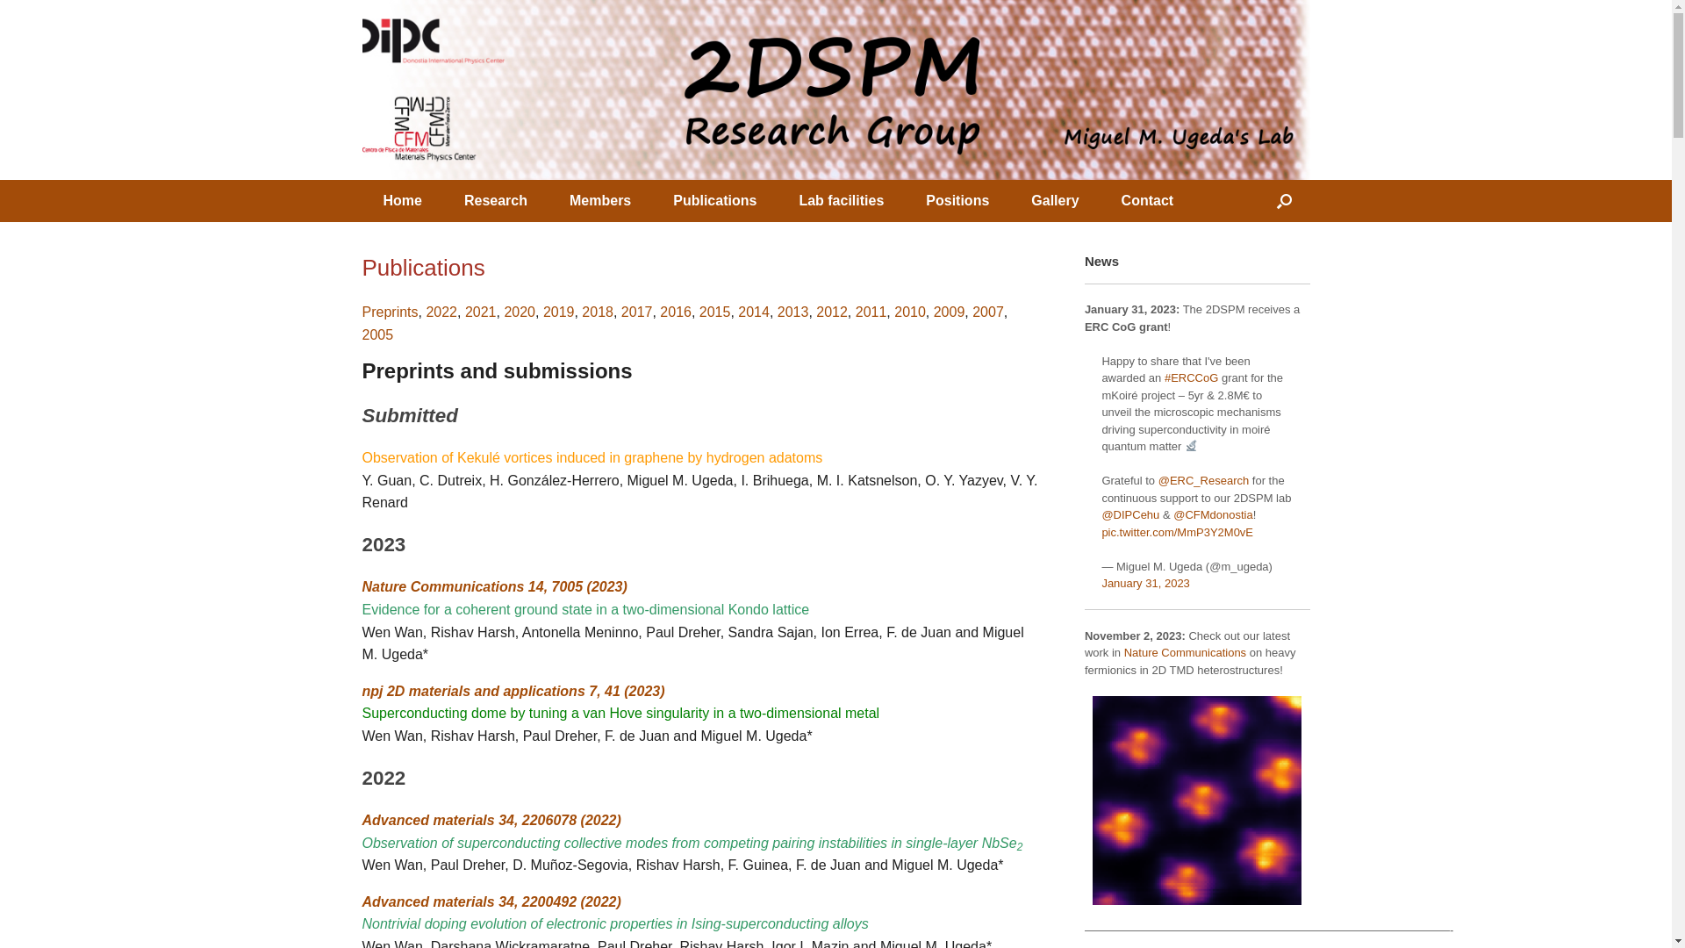 The width and height of the screenshot is (1685, 948). I want to click on '2022', so click(441, 311).